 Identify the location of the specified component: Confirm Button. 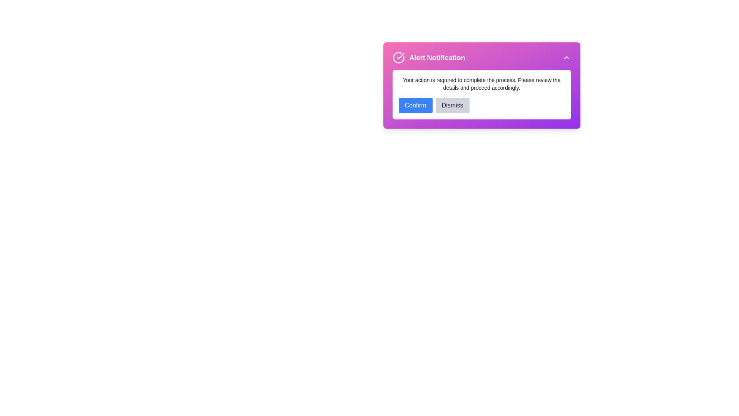
(415, 105).